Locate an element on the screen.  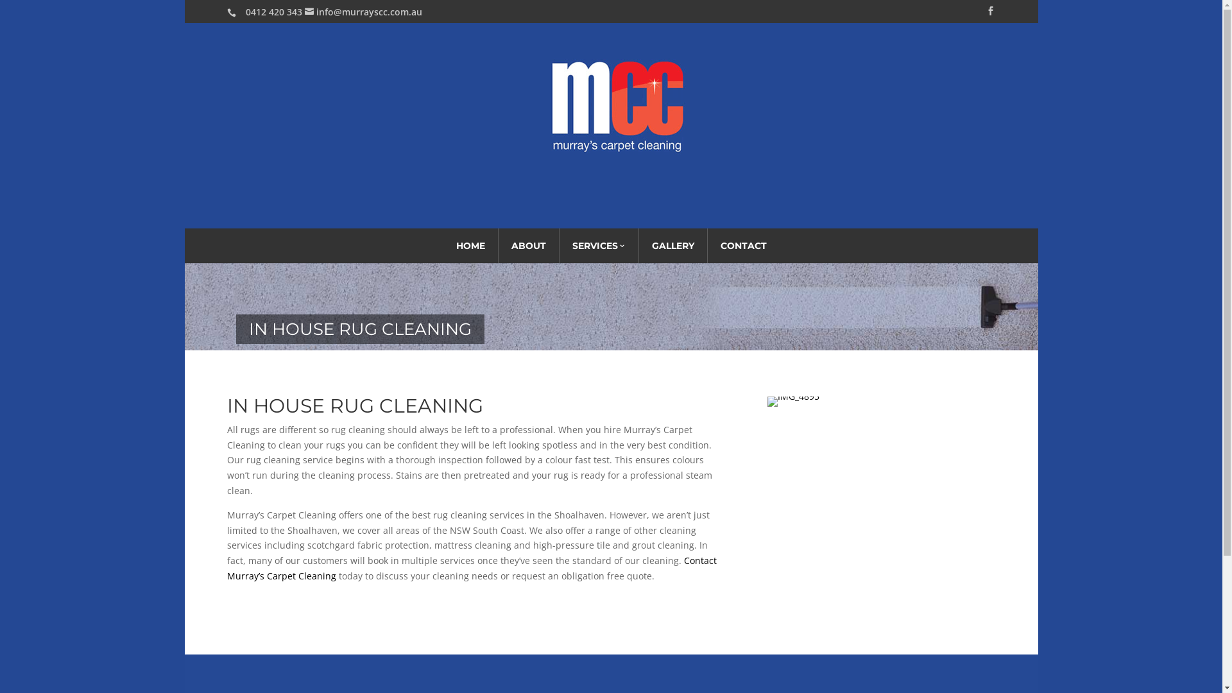
'ABOUT' is located at coordinates (527, 245).